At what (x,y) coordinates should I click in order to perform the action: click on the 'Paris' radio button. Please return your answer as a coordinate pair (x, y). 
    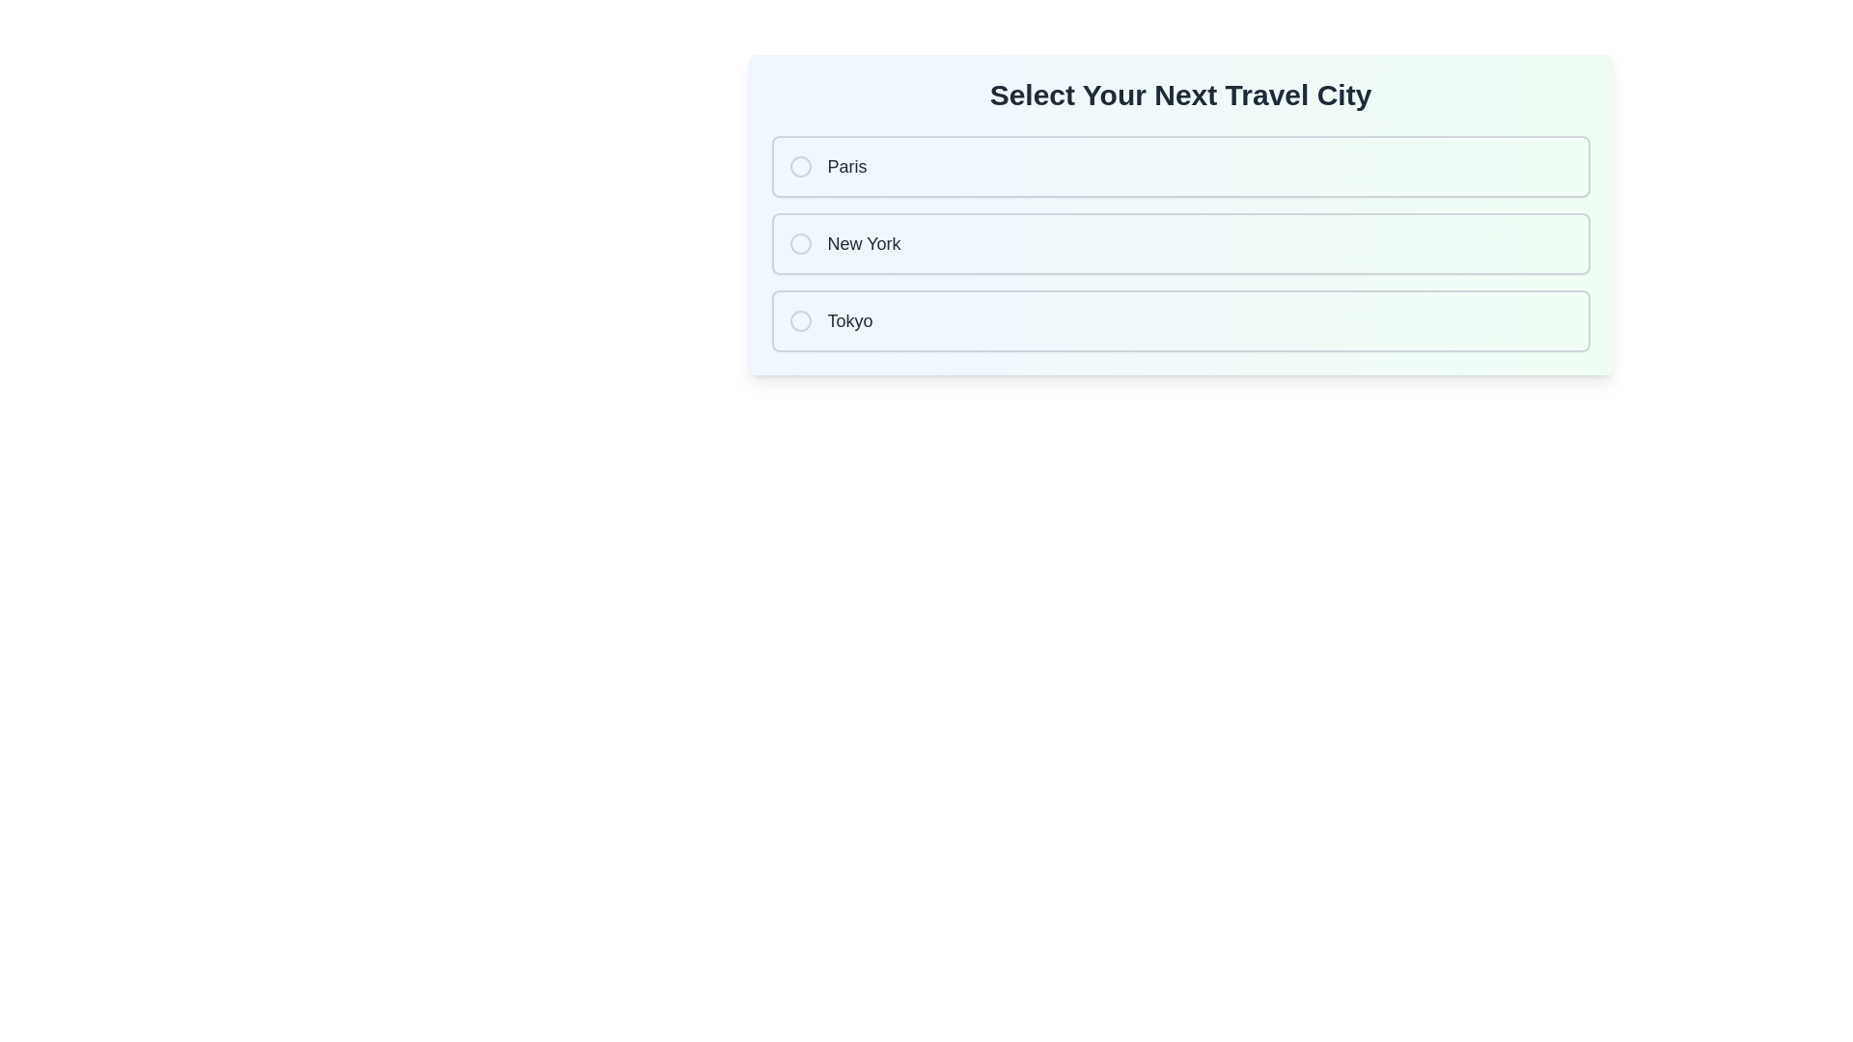
    Looking at the image, I should click on (1179, 166).